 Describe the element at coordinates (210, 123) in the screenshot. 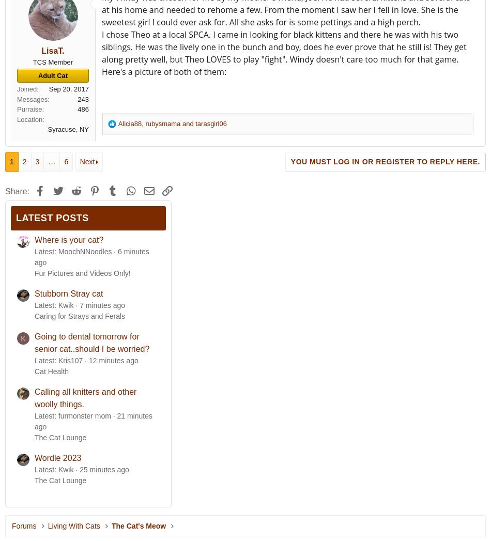

I see `'tarasgirl06'` at that location.